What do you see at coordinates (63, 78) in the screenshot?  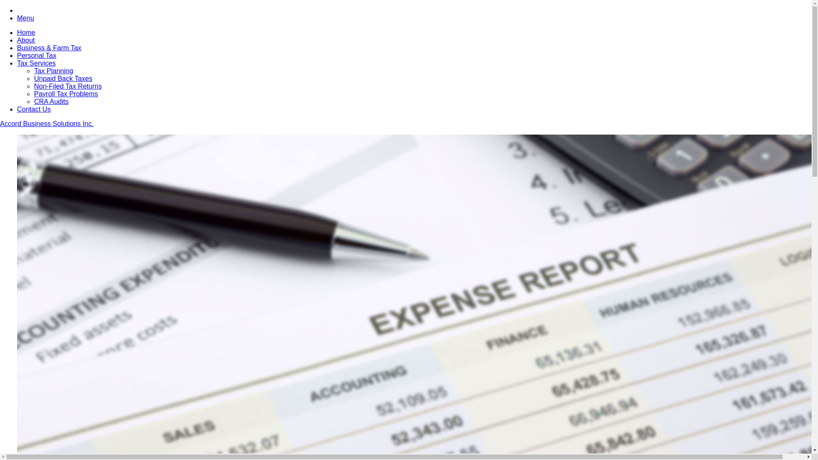 I see `'Unpaid Back Taxes'` at bounding box center [63, 78].